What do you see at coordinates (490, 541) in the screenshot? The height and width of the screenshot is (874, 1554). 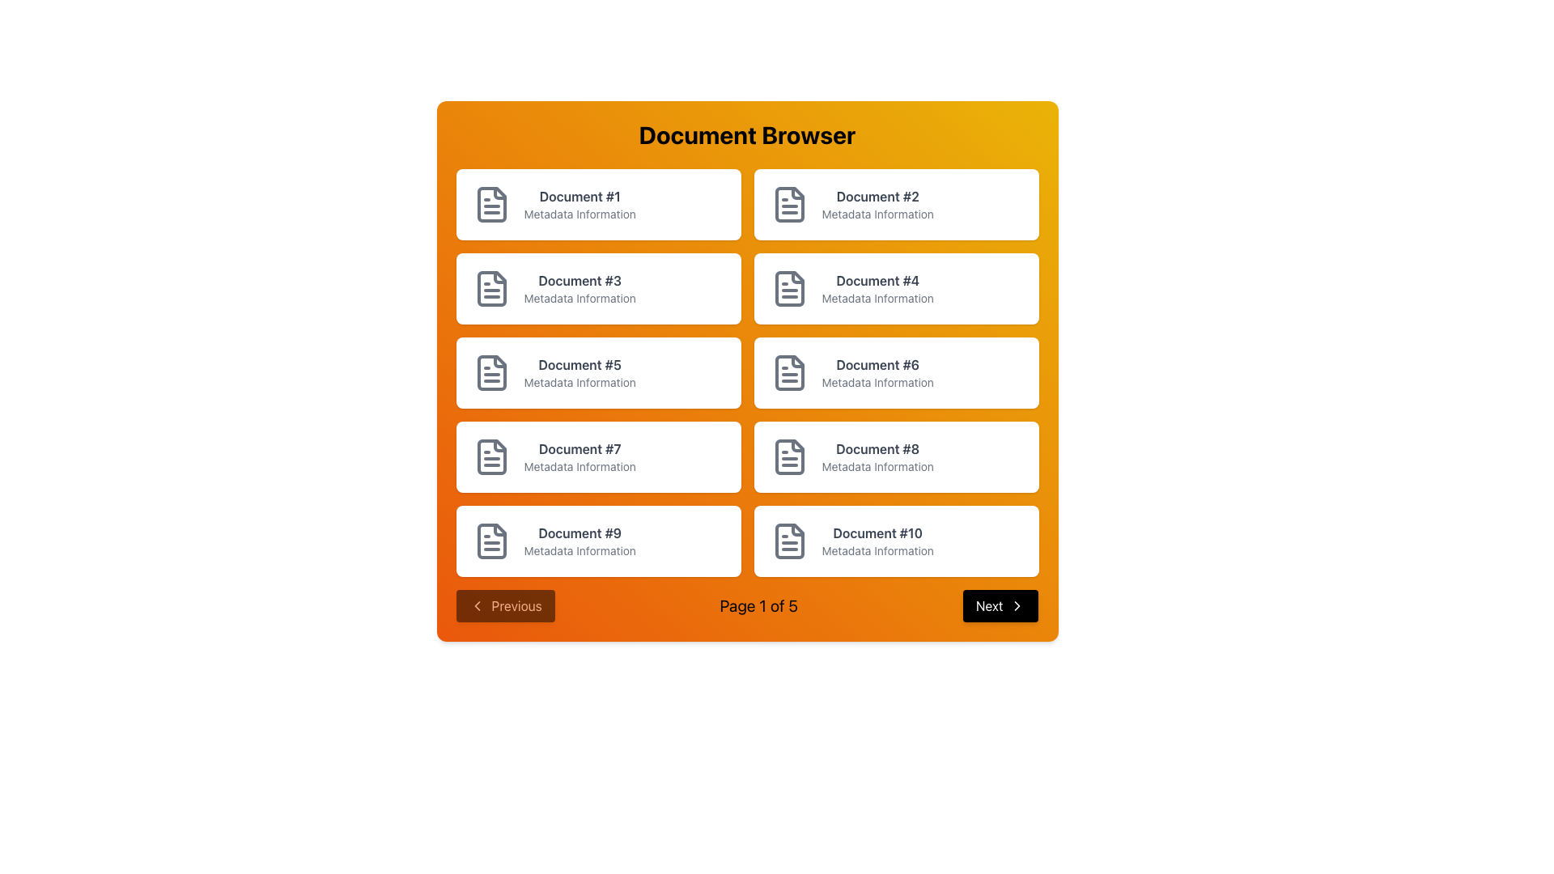 I see `the document icon representing 'Document #9' located in the first column and fifth row of the grid layout by moving the cursor to its center point` at bounding box center [490, 541].